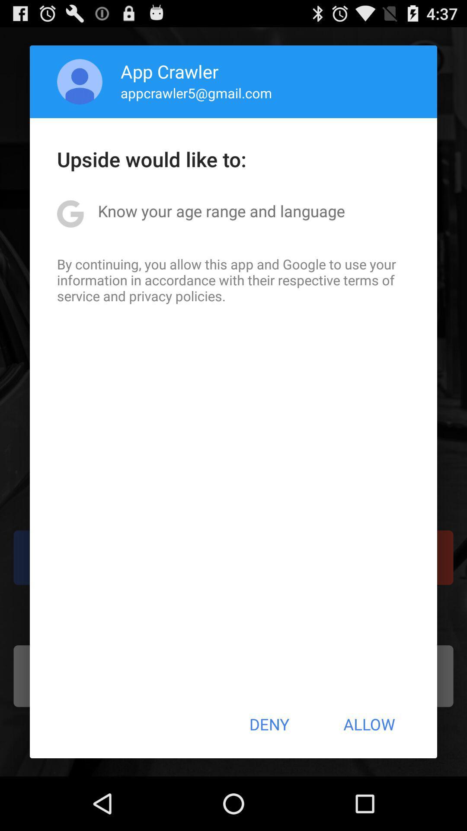 This screenshot has width=467, height=831. I want to click on the item above upside would like icon, so click(196, 93).